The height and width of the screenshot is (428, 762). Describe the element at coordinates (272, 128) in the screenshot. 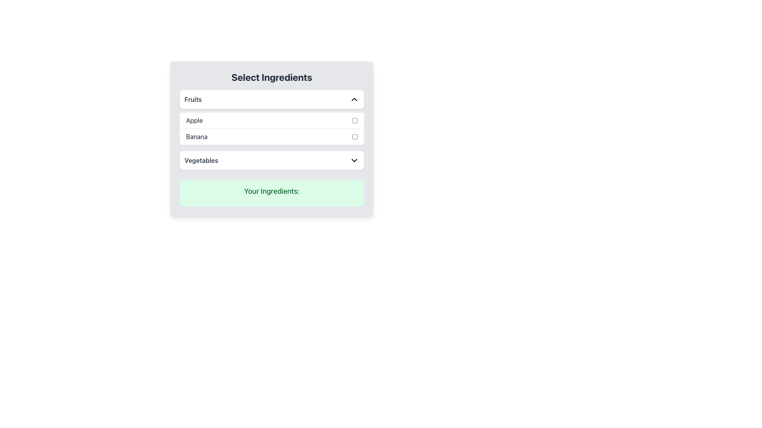

I see `the checkbox associated with 'Apple' in the selectable list under the 'Fruits' section` at that location.